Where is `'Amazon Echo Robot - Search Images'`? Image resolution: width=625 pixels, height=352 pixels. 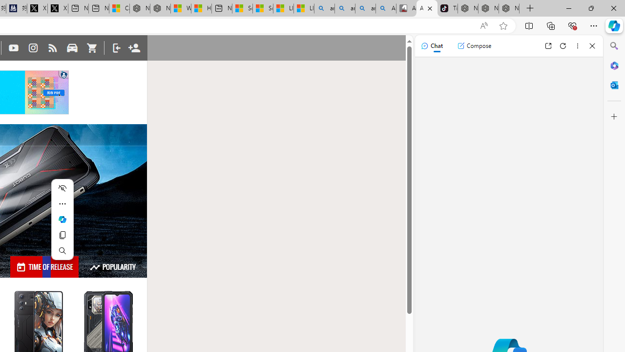
'Amazon Echo Robot - Search Images' is located at coordinates (386, 8).